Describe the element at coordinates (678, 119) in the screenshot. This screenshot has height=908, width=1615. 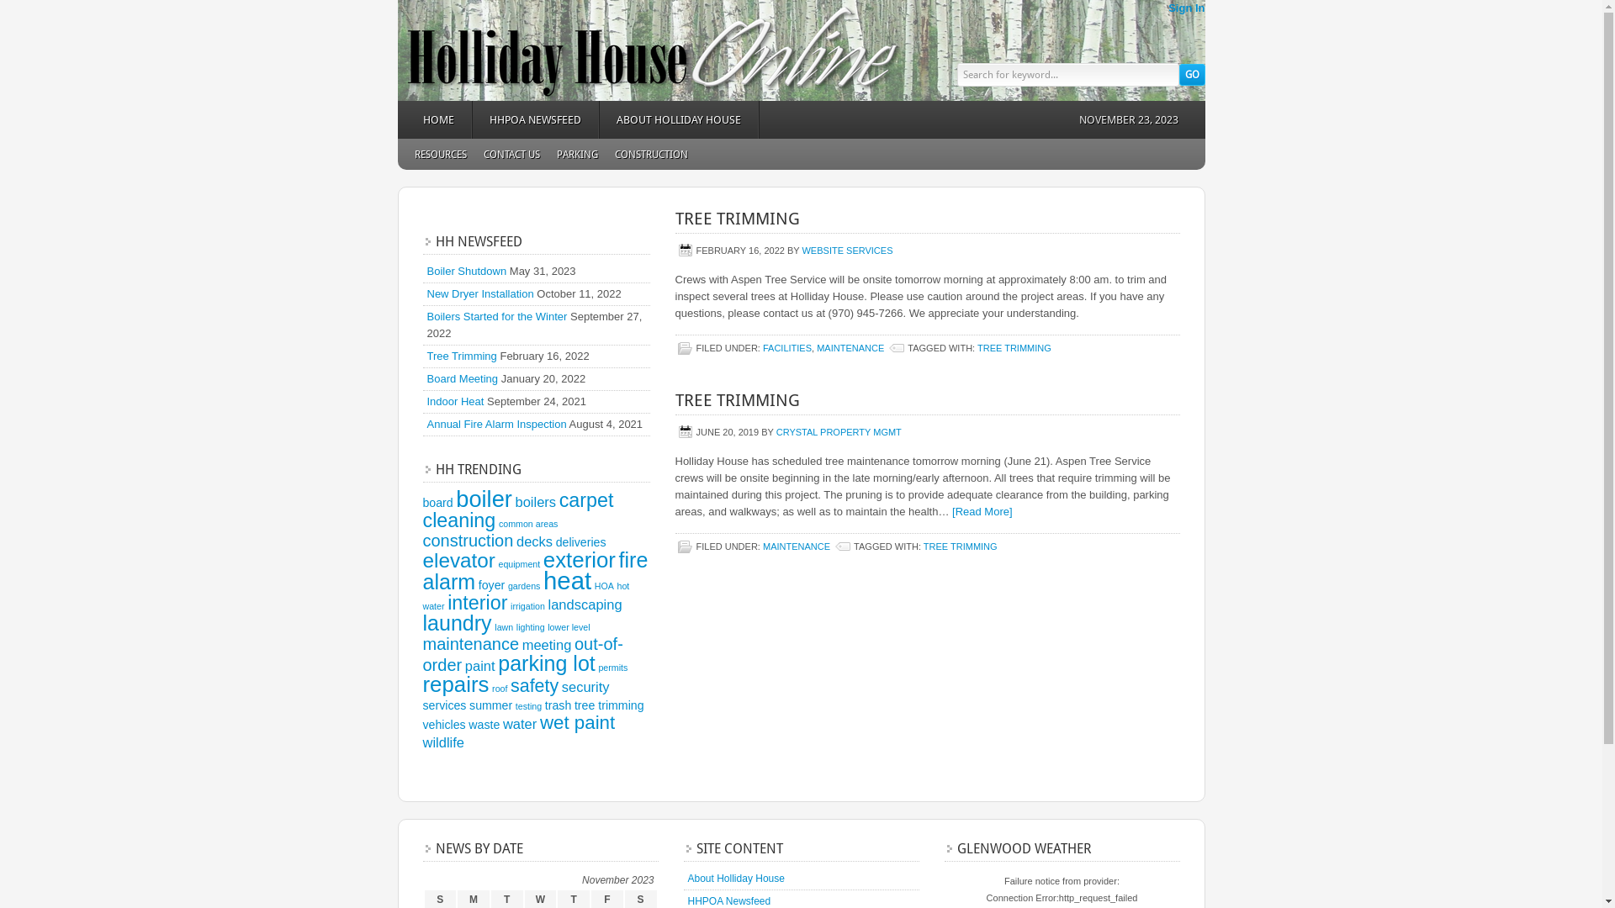
I see `'ABOUT HOLLIDAY HOUSE'` at that location.